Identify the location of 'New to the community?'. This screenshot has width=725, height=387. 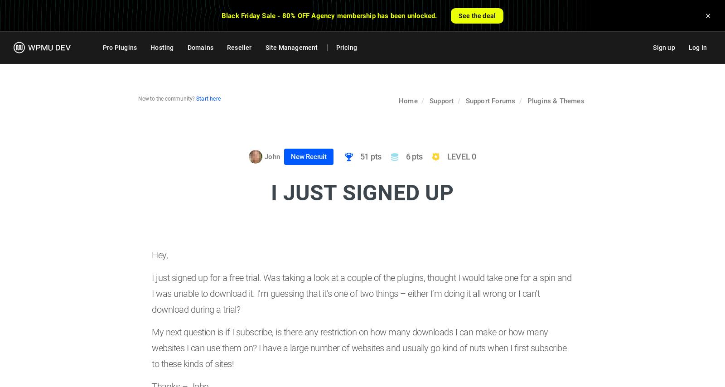
(167, 99).